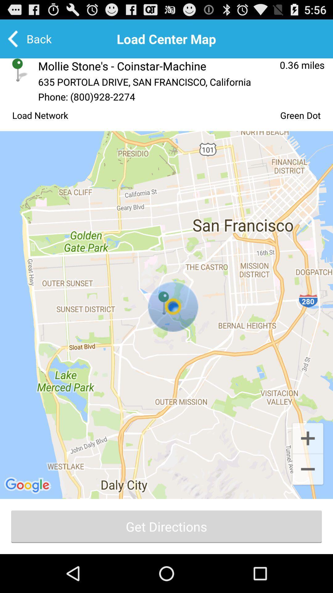 The height and width of the screenshot is (593, 333). Describe the element at coordinates (34, 38) in the screenshot. I see `the back option` at that location.